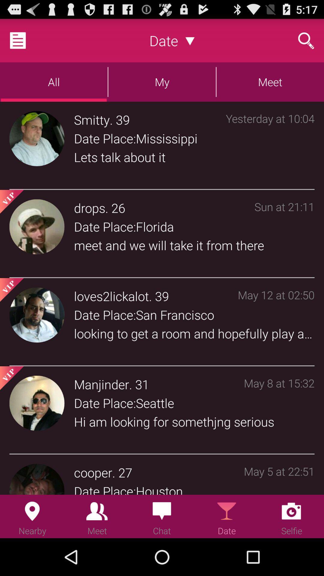 The width and height of the screenshot is (324, 576). I want to click on copy feature, so click(25, 40).